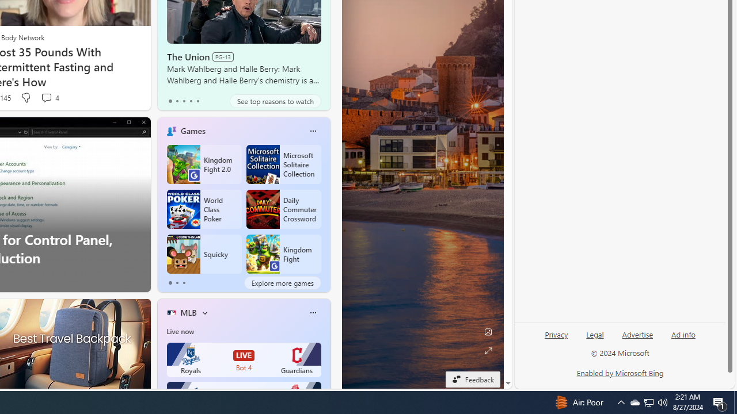  What do you see at coordinates (243, 359) in the screenshot?
I see `'Royals LIVE Bot 4 Guardians'` at bounding box center [243, 359].